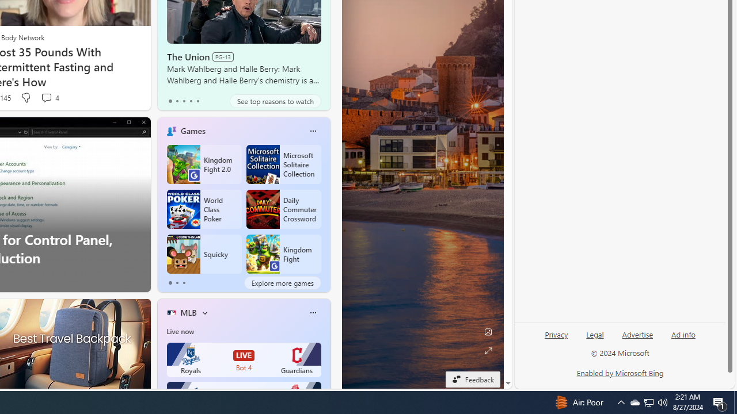  What do you see at coordinates (243, 359) in the screenshot?
I see `'Royals LIVE Bot 4 Guardians'` at bounding box center [243, 359].